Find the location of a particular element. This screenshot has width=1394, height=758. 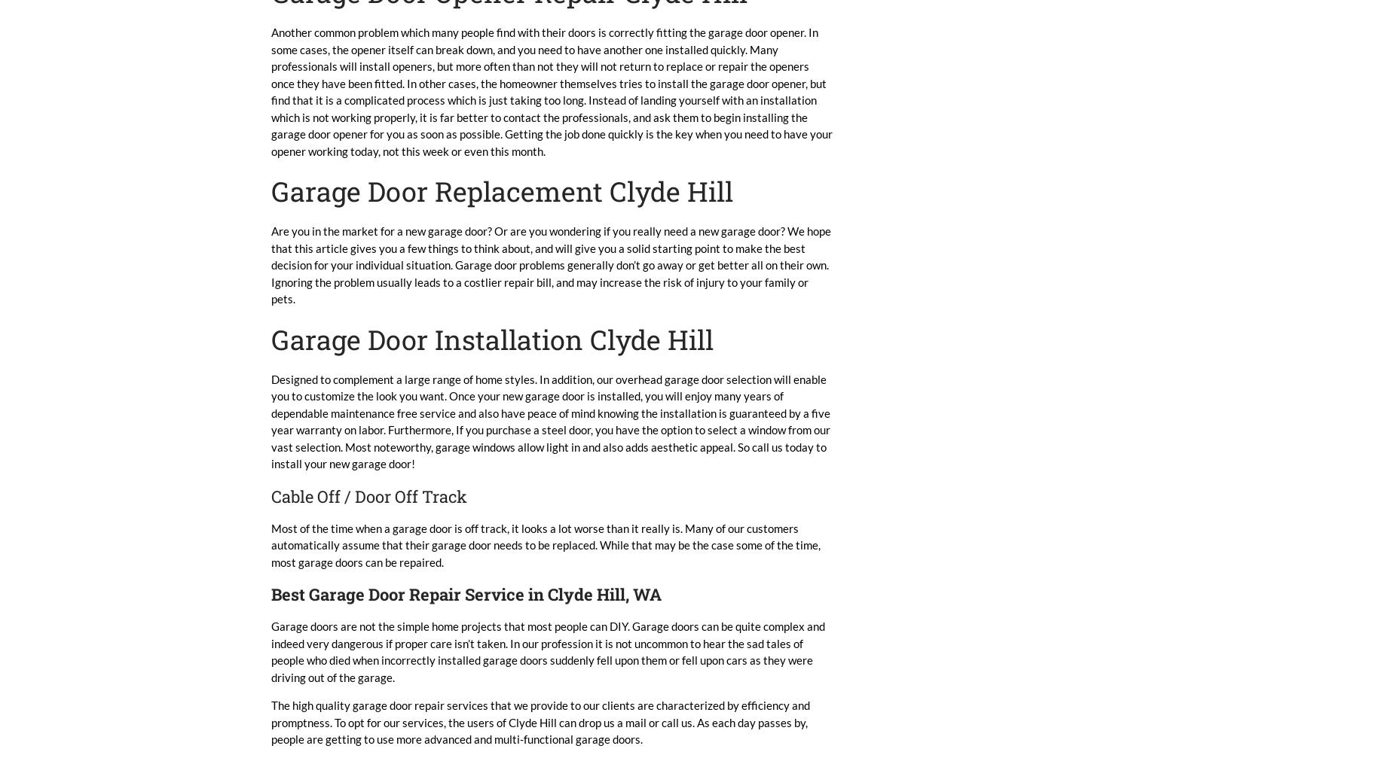

'Another common problem which many people find with their doors is correctly fitting the garage door opener. In some cases, the opener itself can break down, and you need to have another one installed quickly. Many professionals will install openers, but more often than not they will not return to replace or repair the openers once they have been fitted. In other cases, the homeowner themselves tries to install the garage door opener, but find that it is a complicated process which is just taking too long. Instead of landing yourself with an installation which is not working properly, it is far better to contact the professionals, and ask them to begin installing the garage door opener for you as soon as possible. Getting the job done quickly is the key when you need to have your opener working today, not this week or even this month.' is located at coordinates (552, 91).